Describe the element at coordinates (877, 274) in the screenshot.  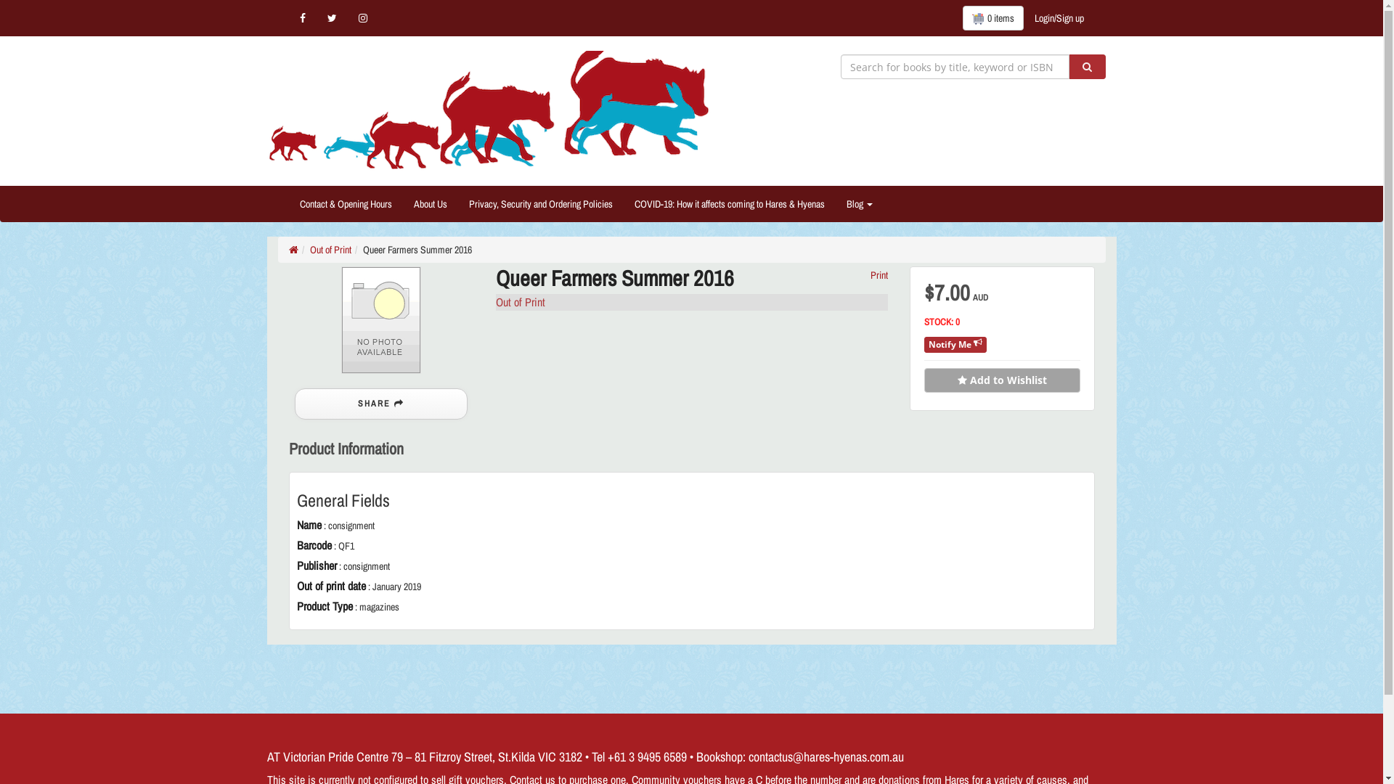
I see `' Print'` at that location.